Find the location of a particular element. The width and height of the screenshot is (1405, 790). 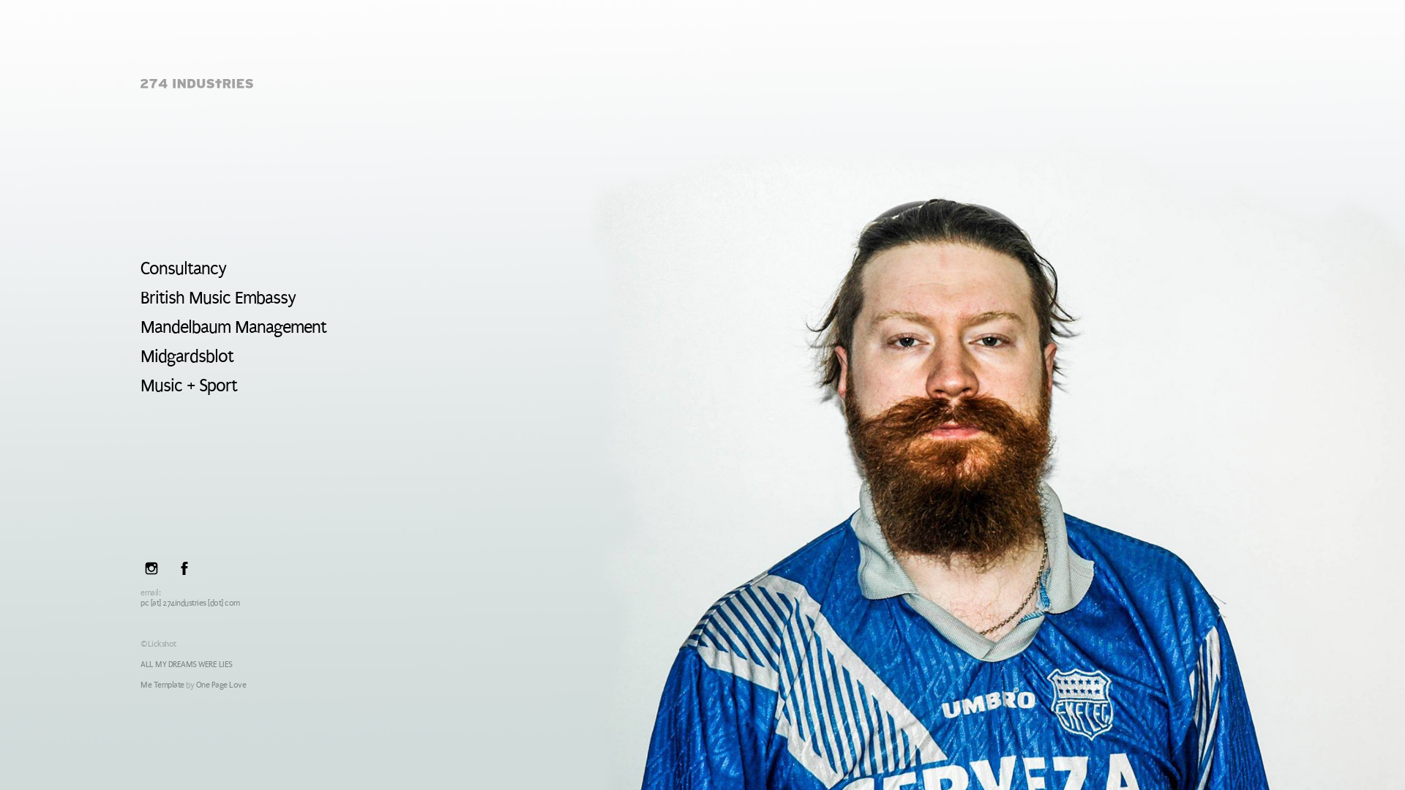

'Me Template' is located at coordinates (162, 685).